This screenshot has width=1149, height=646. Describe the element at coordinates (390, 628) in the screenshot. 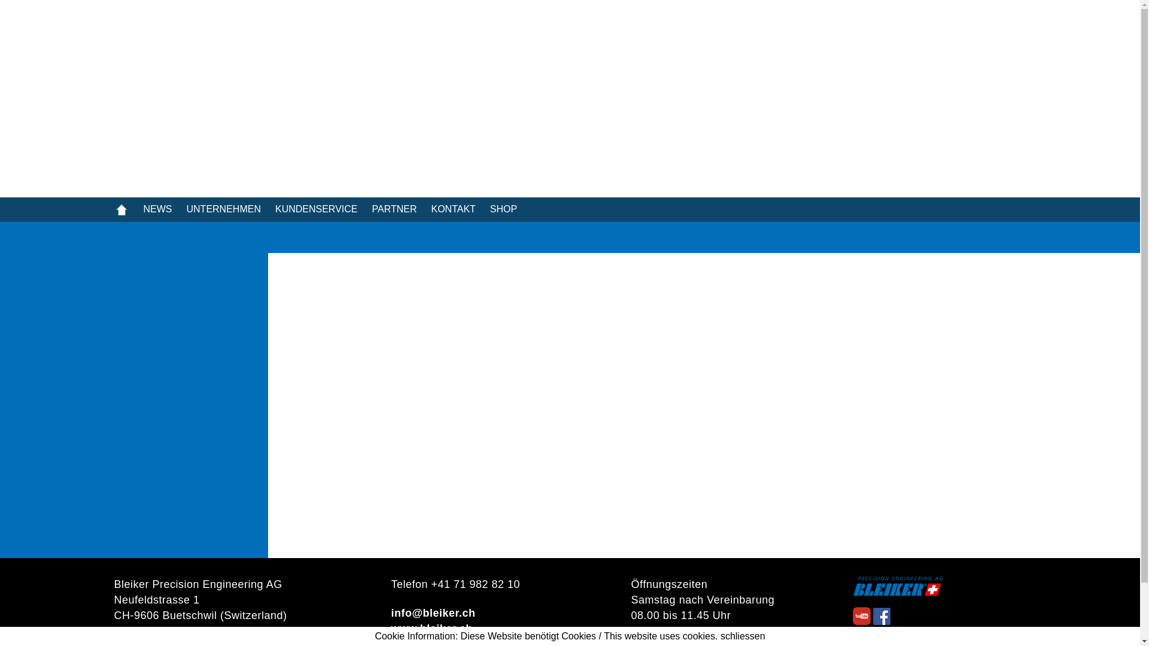

I see `'www.bleiker.ch'` at that location.